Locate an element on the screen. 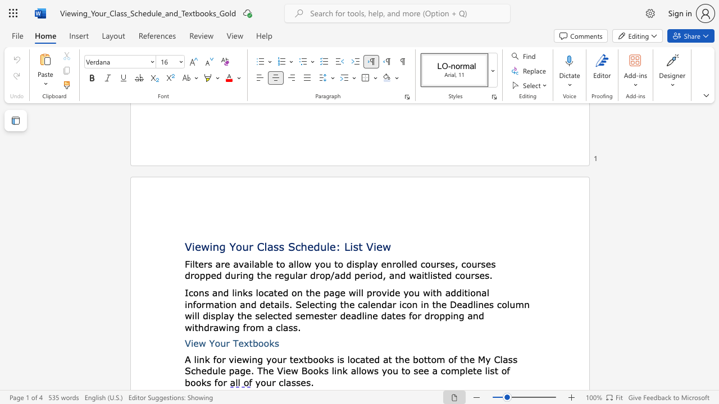 The image size is (719, 404). the subset text "able to allow you to displa" within the text "Filters are available to allow you to display enrolled courses, courses dropped during the regular drop/add period, and waitlisted courses." is located at coordinates (253, 264).